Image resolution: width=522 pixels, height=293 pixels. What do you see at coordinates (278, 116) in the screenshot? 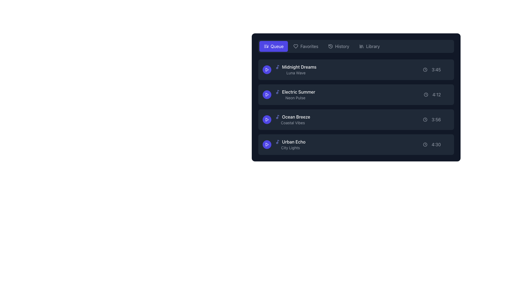
I see `the musical note icon located to the left of the 'Ocean Breeze' track entry in the music playlist application` at bounding box center [278, 116].